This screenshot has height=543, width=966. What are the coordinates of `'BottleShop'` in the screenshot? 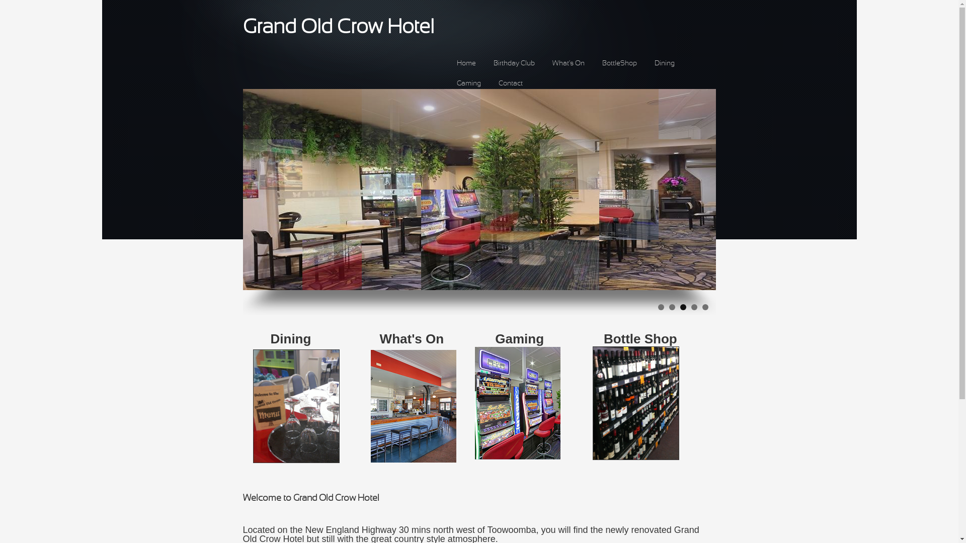 It's located at (618, 64).